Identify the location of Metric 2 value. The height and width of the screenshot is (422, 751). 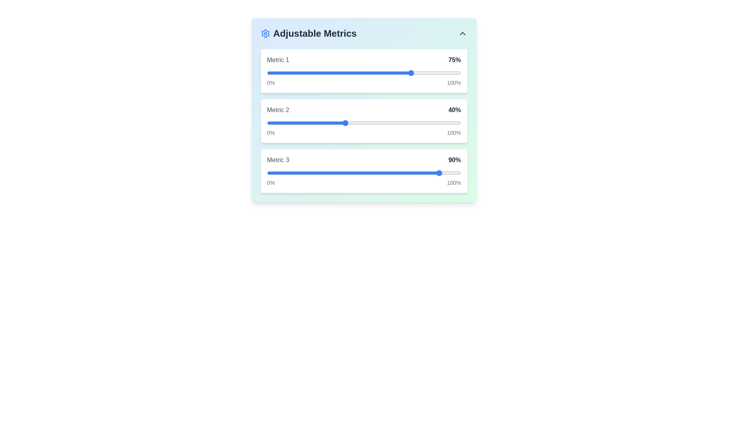
(383, 123).